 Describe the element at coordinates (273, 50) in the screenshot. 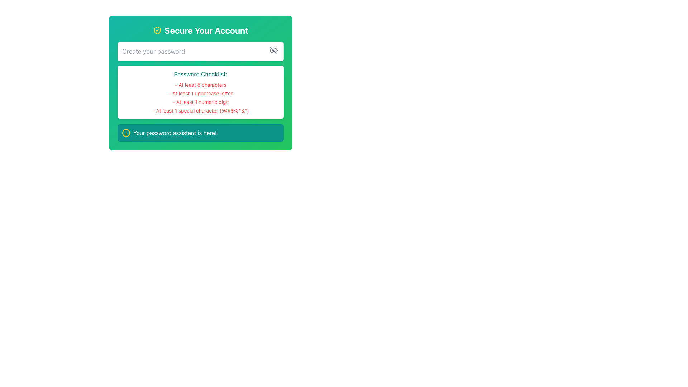

I see `the toggle button in the top-right corner of the password input field to show or hide the entered password` at that location.